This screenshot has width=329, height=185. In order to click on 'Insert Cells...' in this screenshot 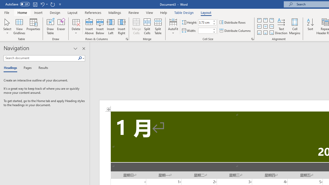, I will do `click(127, 39)`.